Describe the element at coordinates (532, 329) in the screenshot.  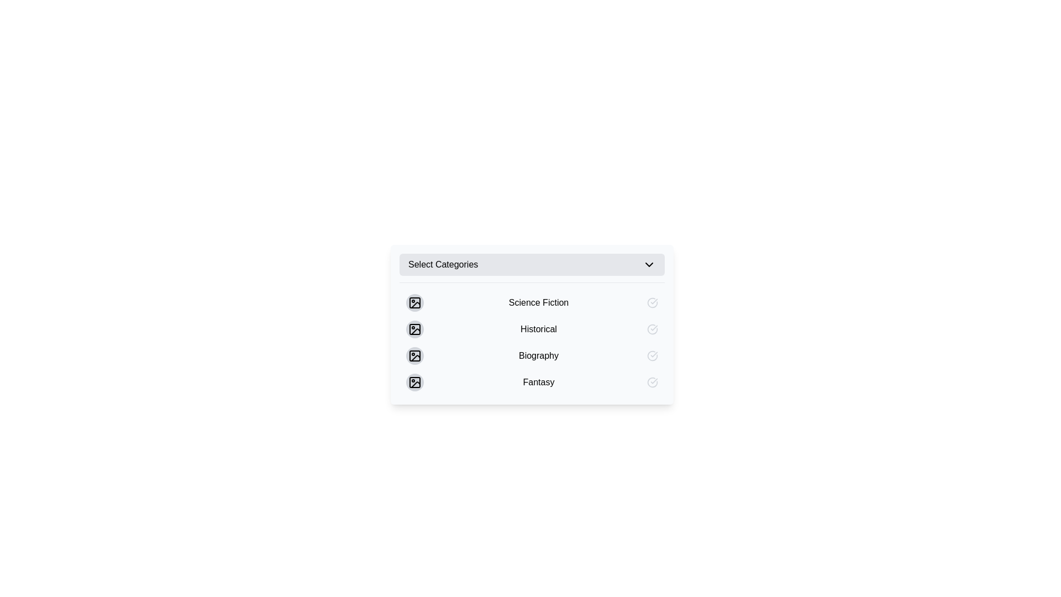
I see `the second list item in the 'Select Categories' list, which contains the text 'Historical' and a checkmark icon` at that location.